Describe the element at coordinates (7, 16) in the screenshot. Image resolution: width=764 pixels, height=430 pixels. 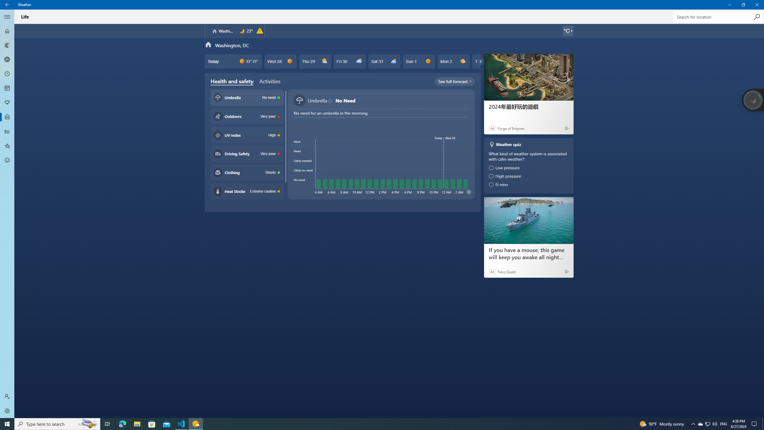
I see `'Collapse Navigation'` at that location.